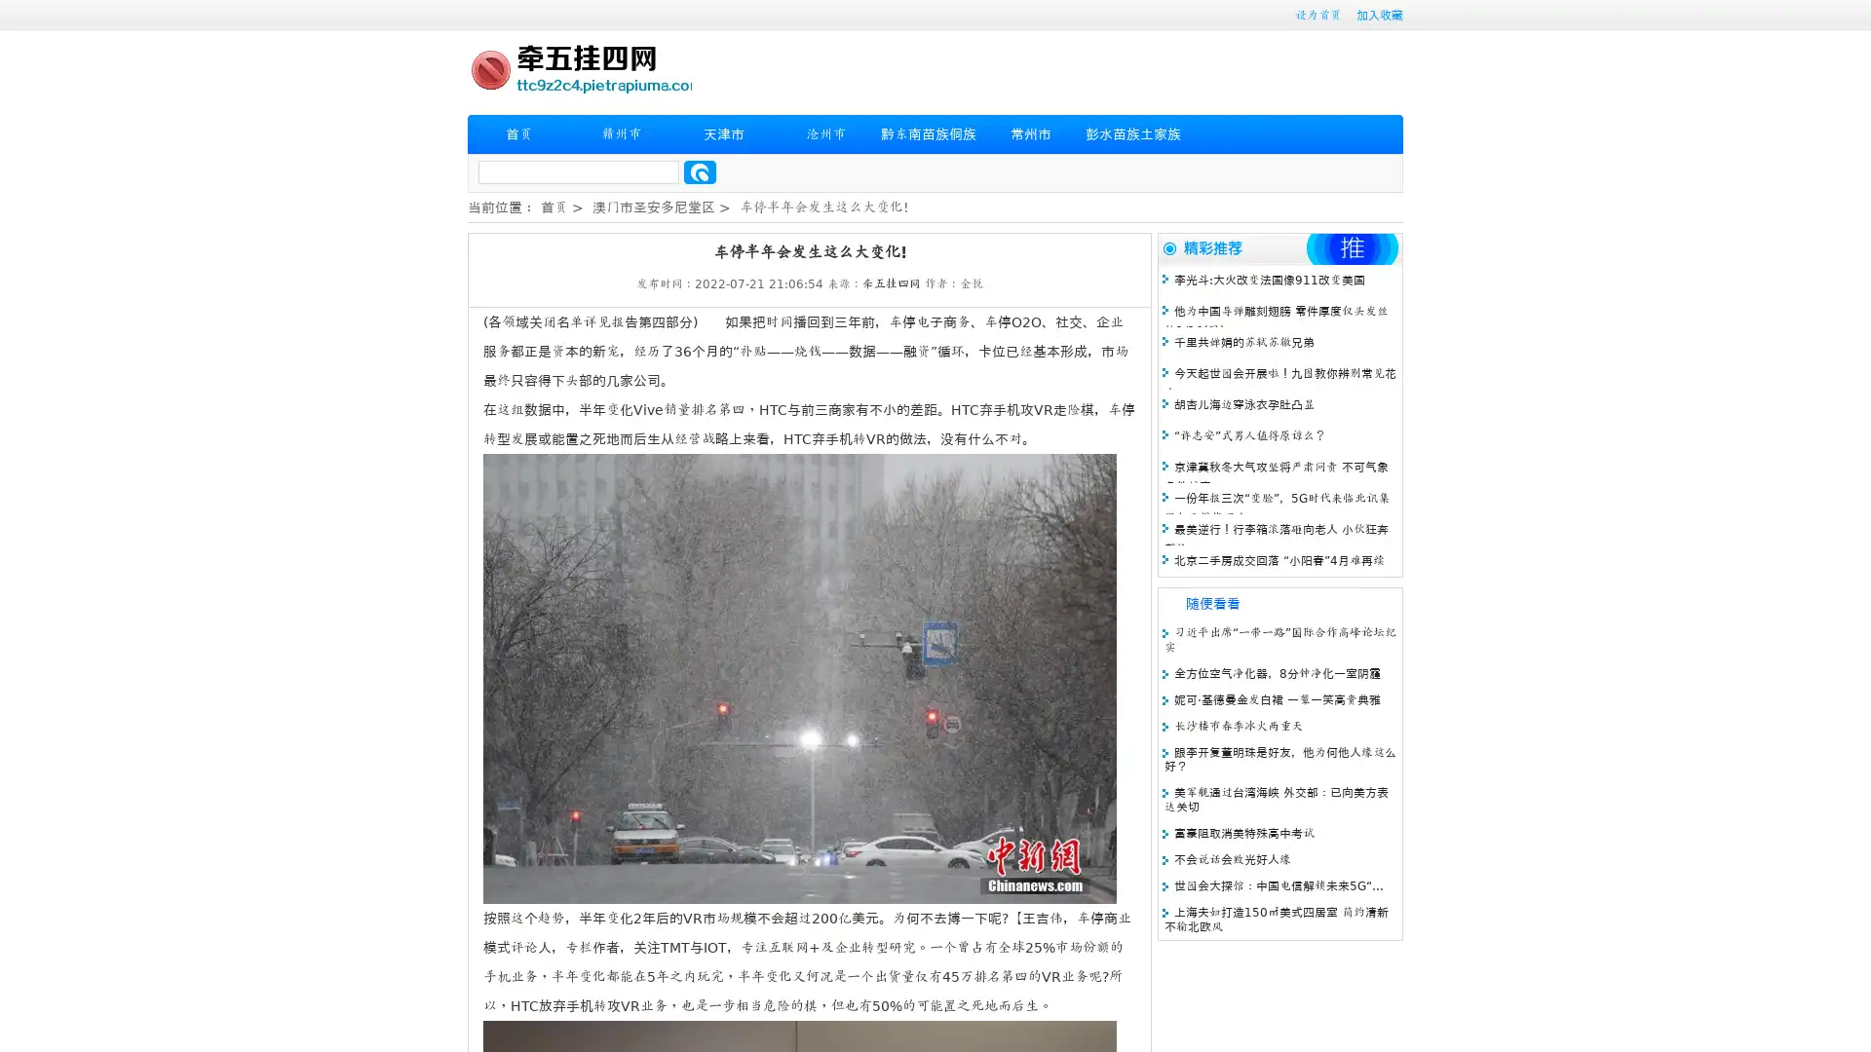  Describe the element at coordinates (700, 171) in the screenshot. I see `Search` at that location.